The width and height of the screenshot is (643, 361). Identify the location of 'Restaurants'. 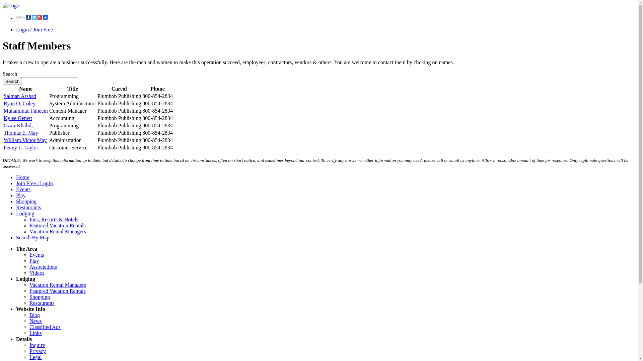
(28, 207).